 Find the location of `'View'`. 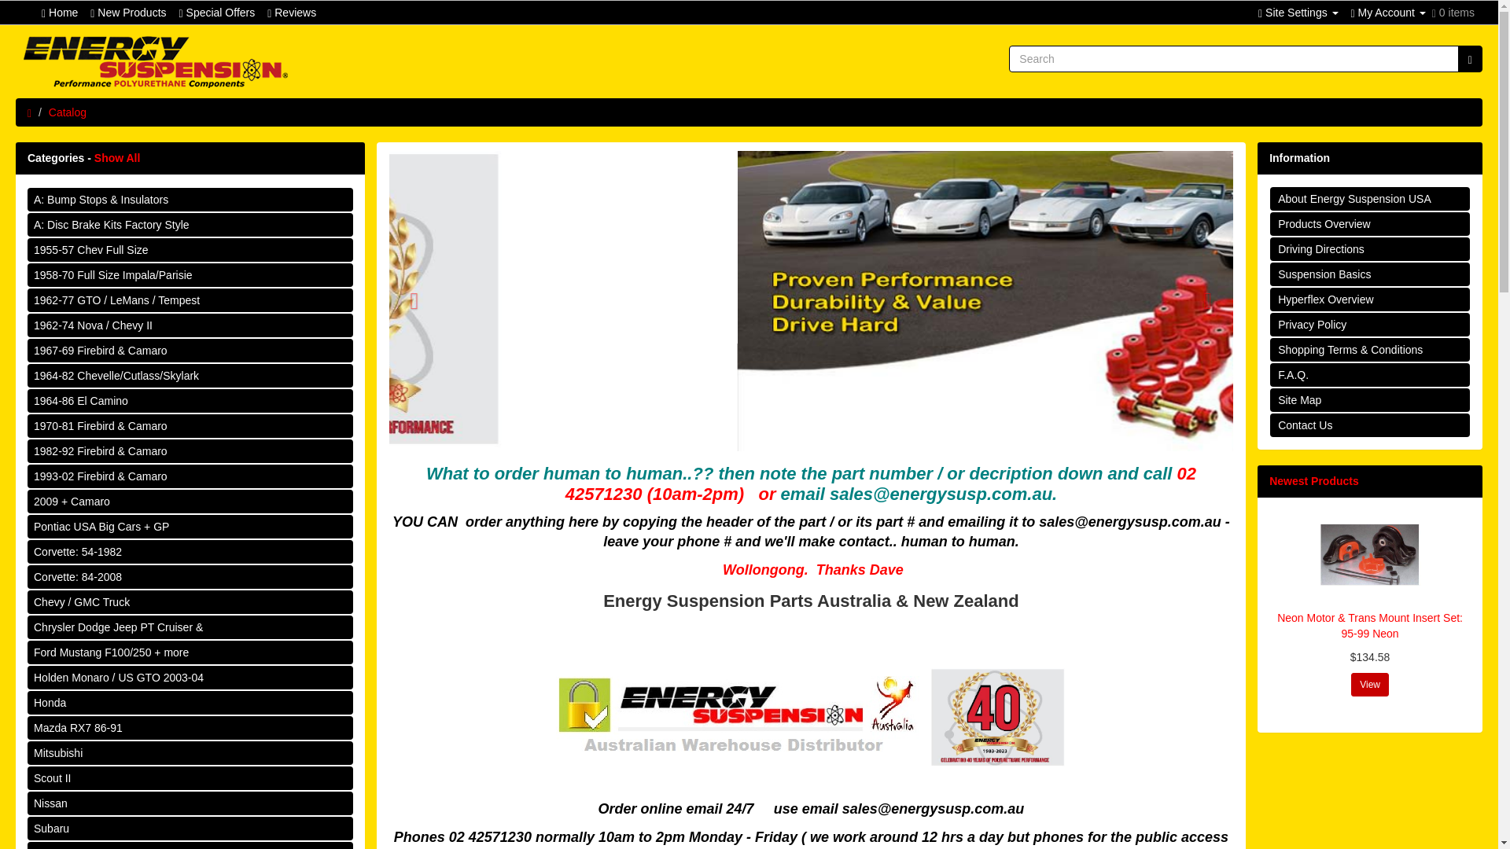

'View' is located at coordinates (1369, 684).